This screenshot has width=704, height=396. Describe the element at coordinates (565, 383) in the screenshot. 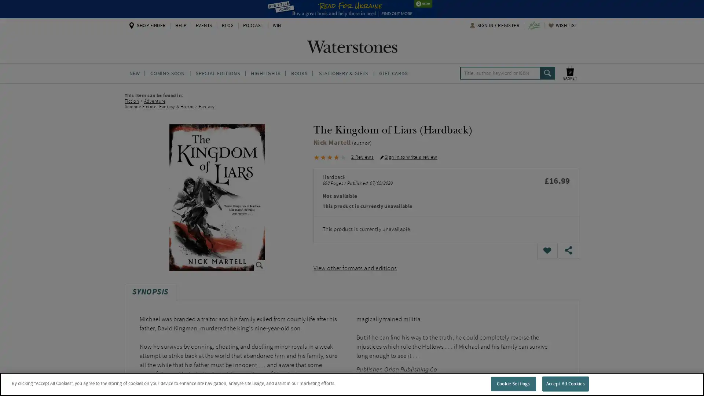

I see `Accept All Cookies` at that location.